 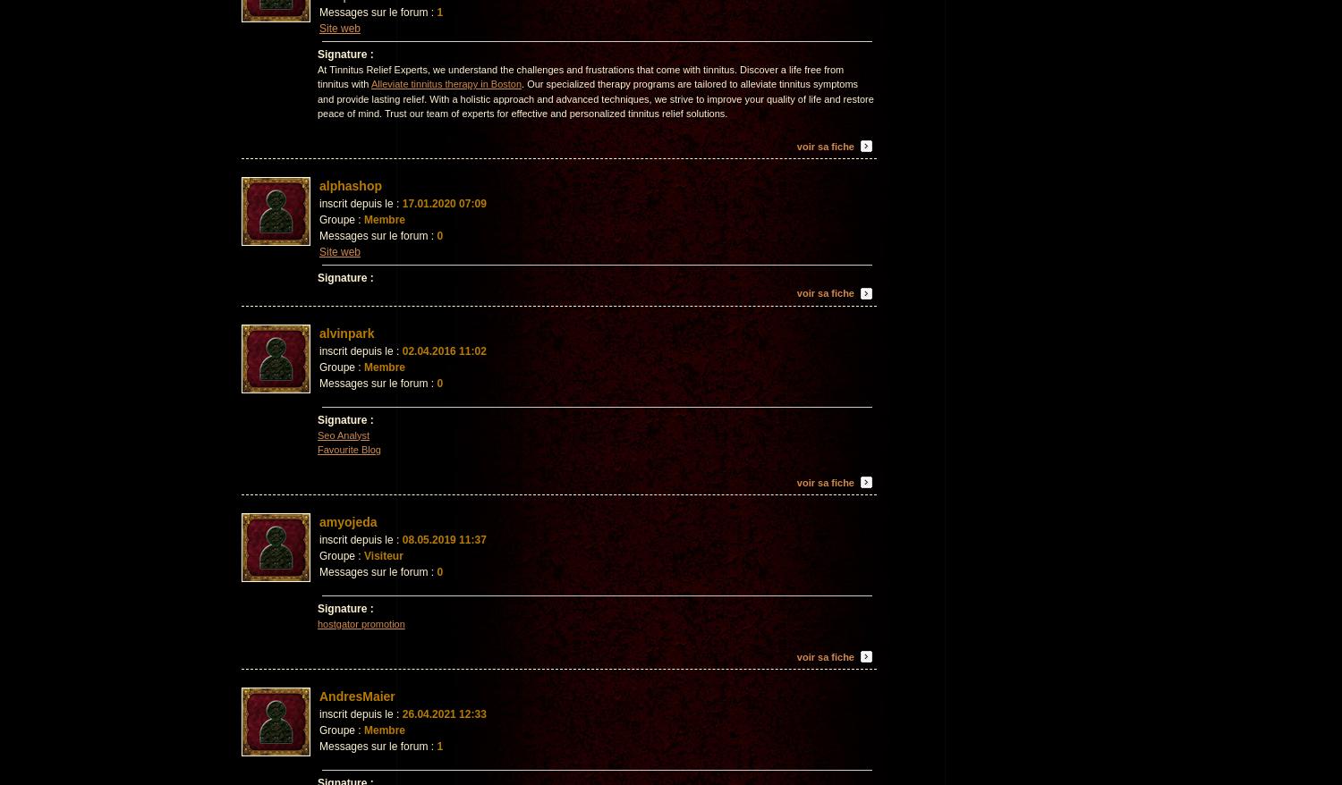 I want to click on 'At Tinnitus Relief Experts, we understand the challenges and frustrations that come with tinnitus. Discover a life free from tinnitus with', so click(x=581, y=76).